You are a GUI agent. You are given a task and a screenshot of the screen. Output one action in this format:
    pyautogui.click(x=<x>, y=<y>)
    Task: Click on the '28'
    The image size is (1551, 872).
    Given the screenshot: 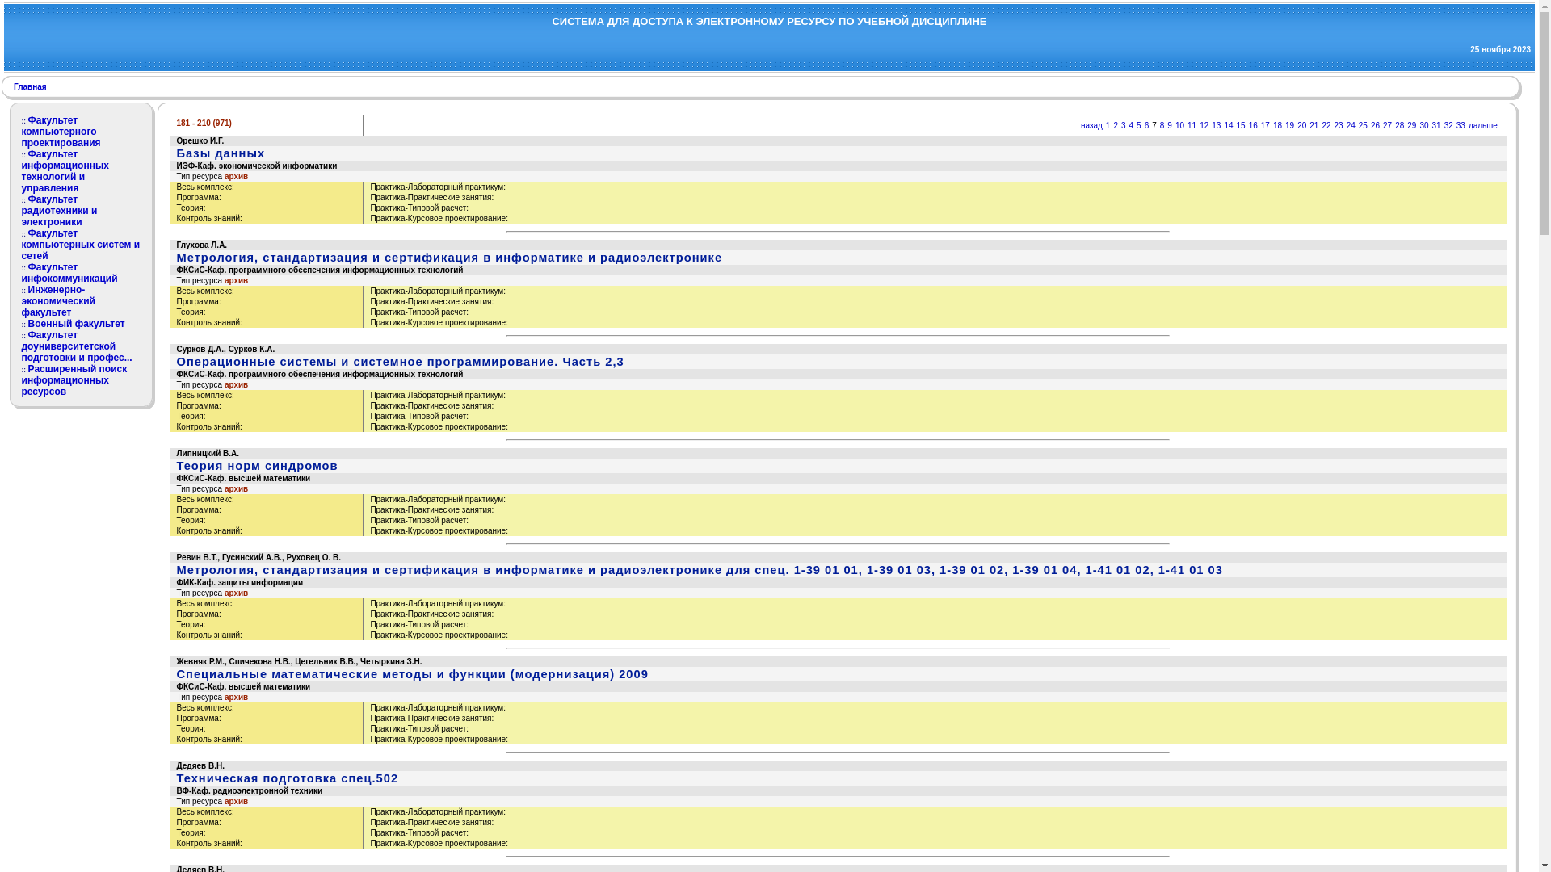 What is the action you would take?
    pyautogui.click(x=1398, y=124)
    